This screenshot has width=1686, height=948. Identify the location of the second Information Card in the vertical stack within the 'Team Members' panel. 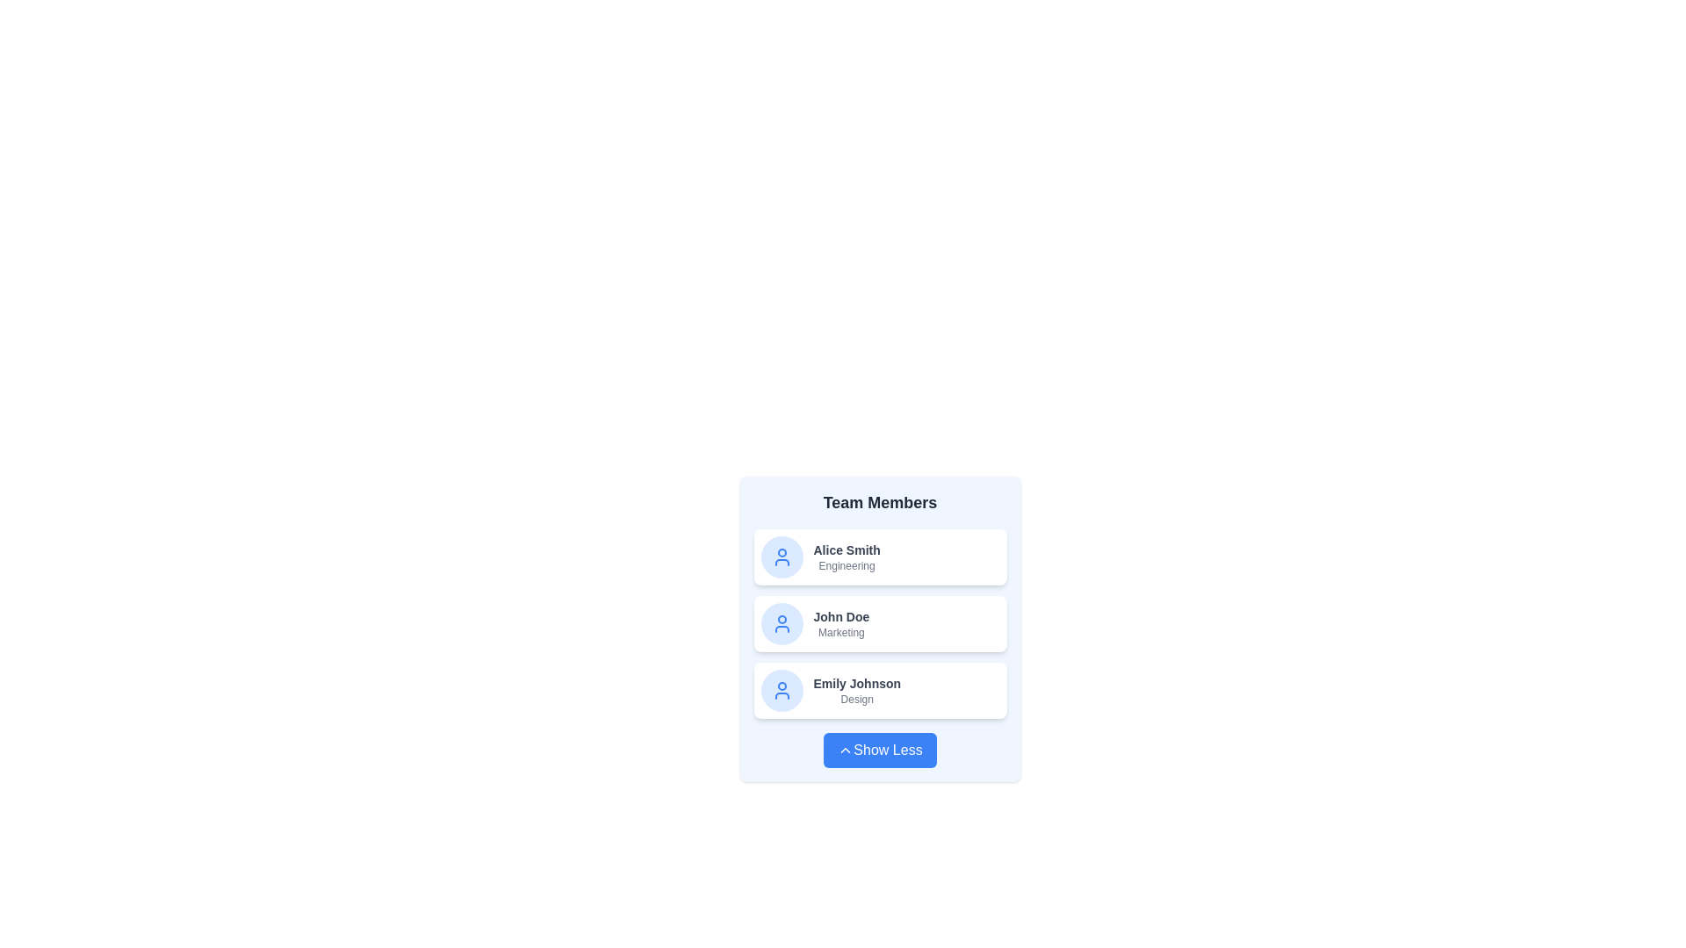
(880, 628).